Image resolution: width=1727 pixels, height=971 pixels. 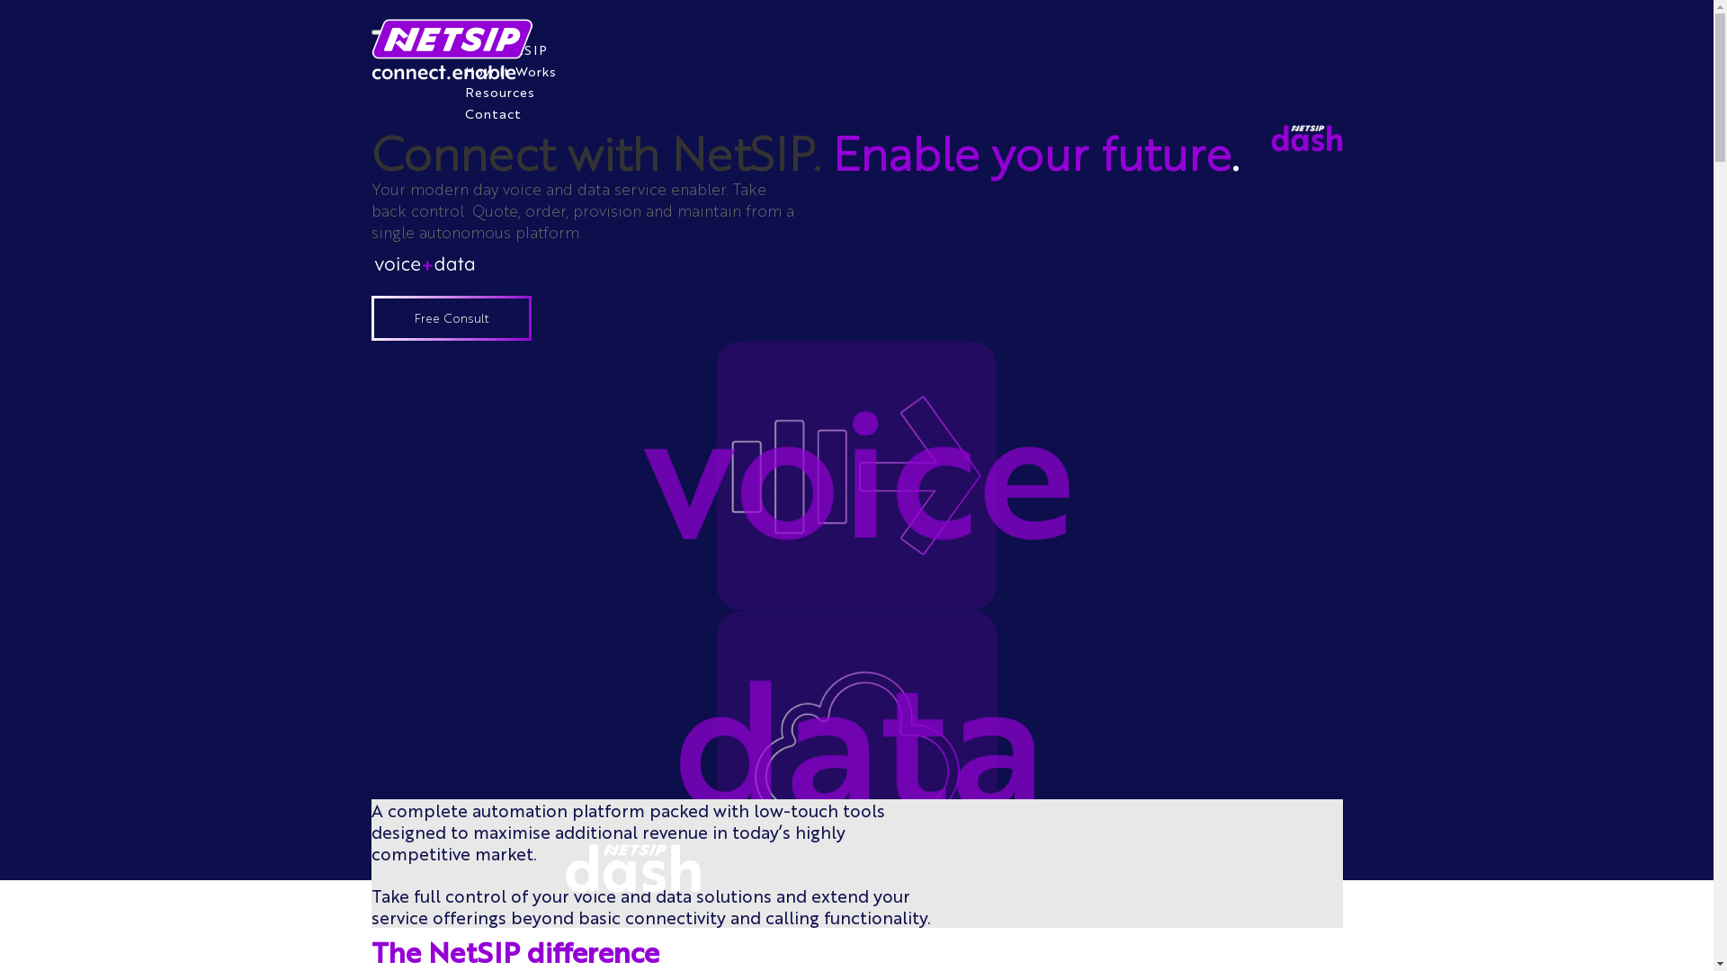 What do you see at coordinates (499, 91) in the screenshot?
I see `'Resources'` at bounding box center [499, 91].